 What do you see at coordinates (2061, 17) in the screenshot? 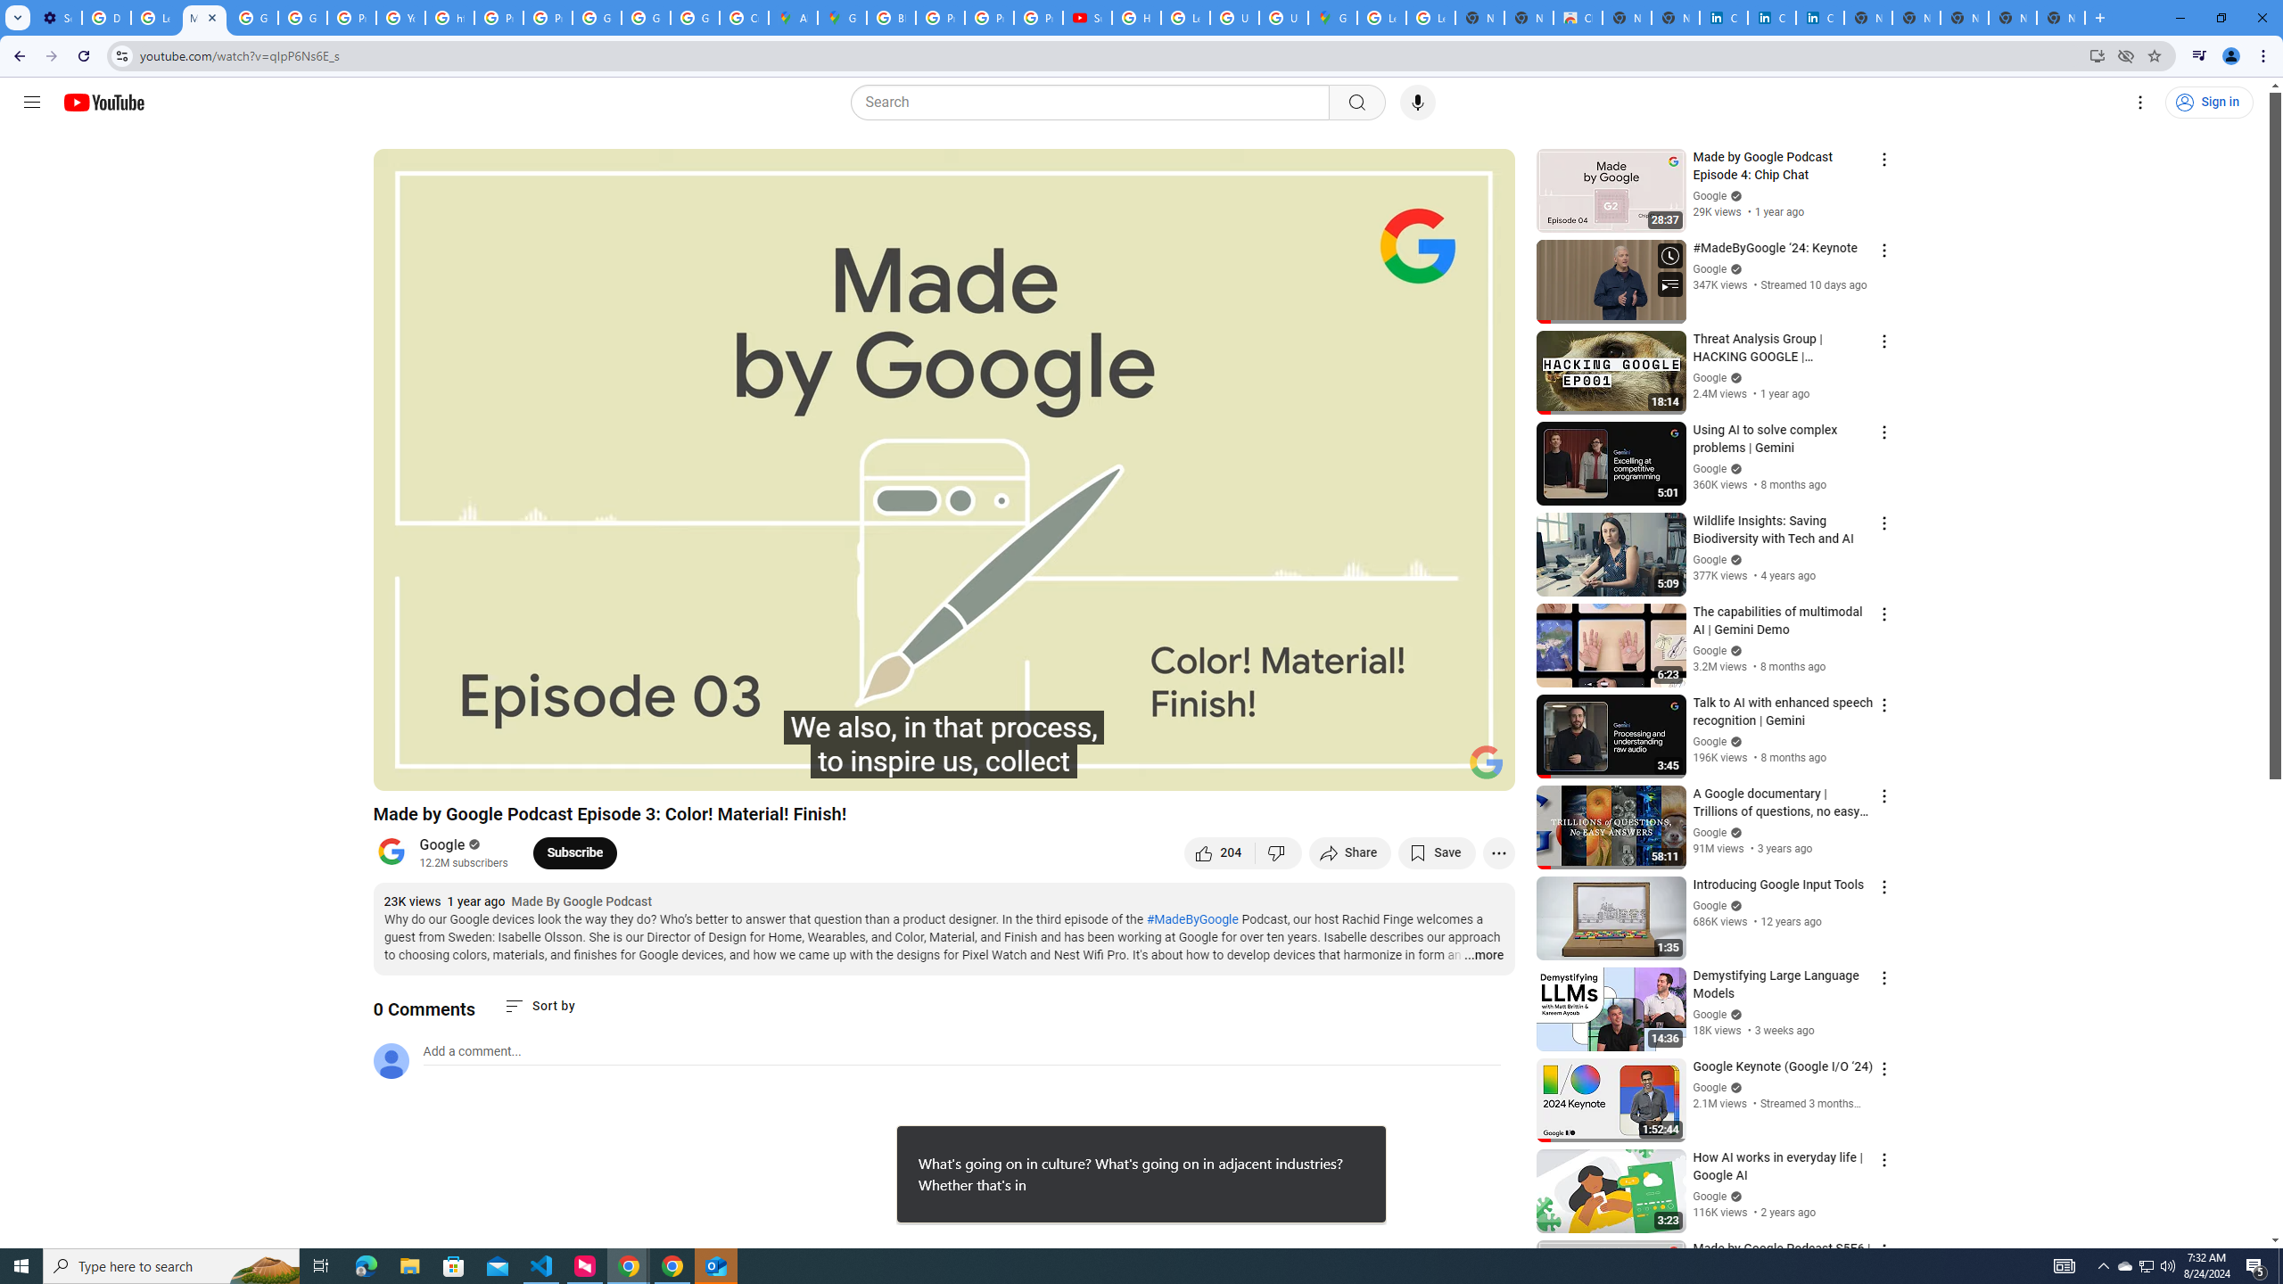
I see `'New Tab'` at bounding box center [2061, 17].